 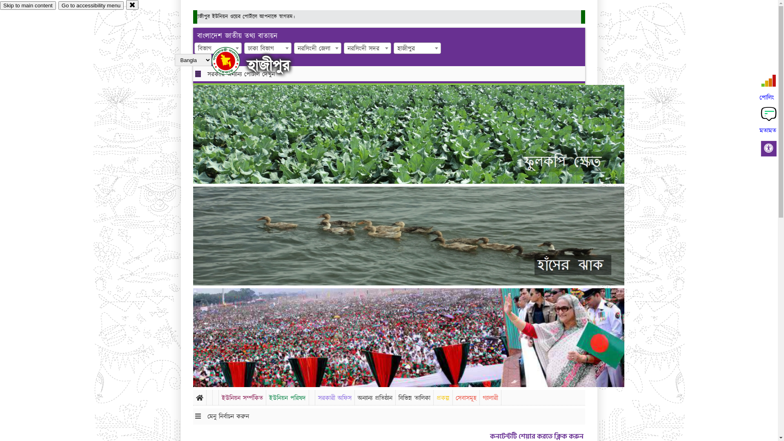 I want to click on ', so click(x=232, y=60).